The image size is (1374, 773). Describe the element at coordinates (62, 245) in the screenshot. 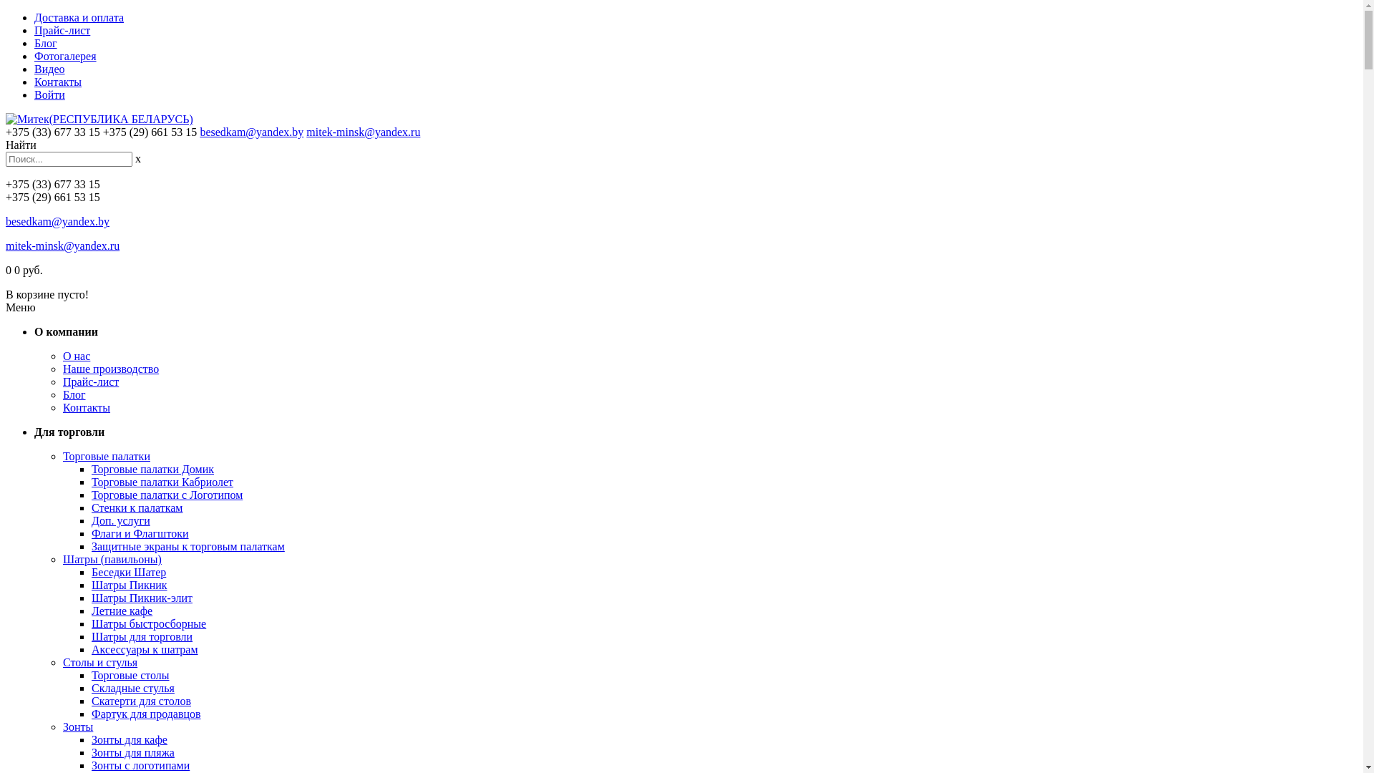

I see `'mitek-minsk@yandex.ru'` at that location.